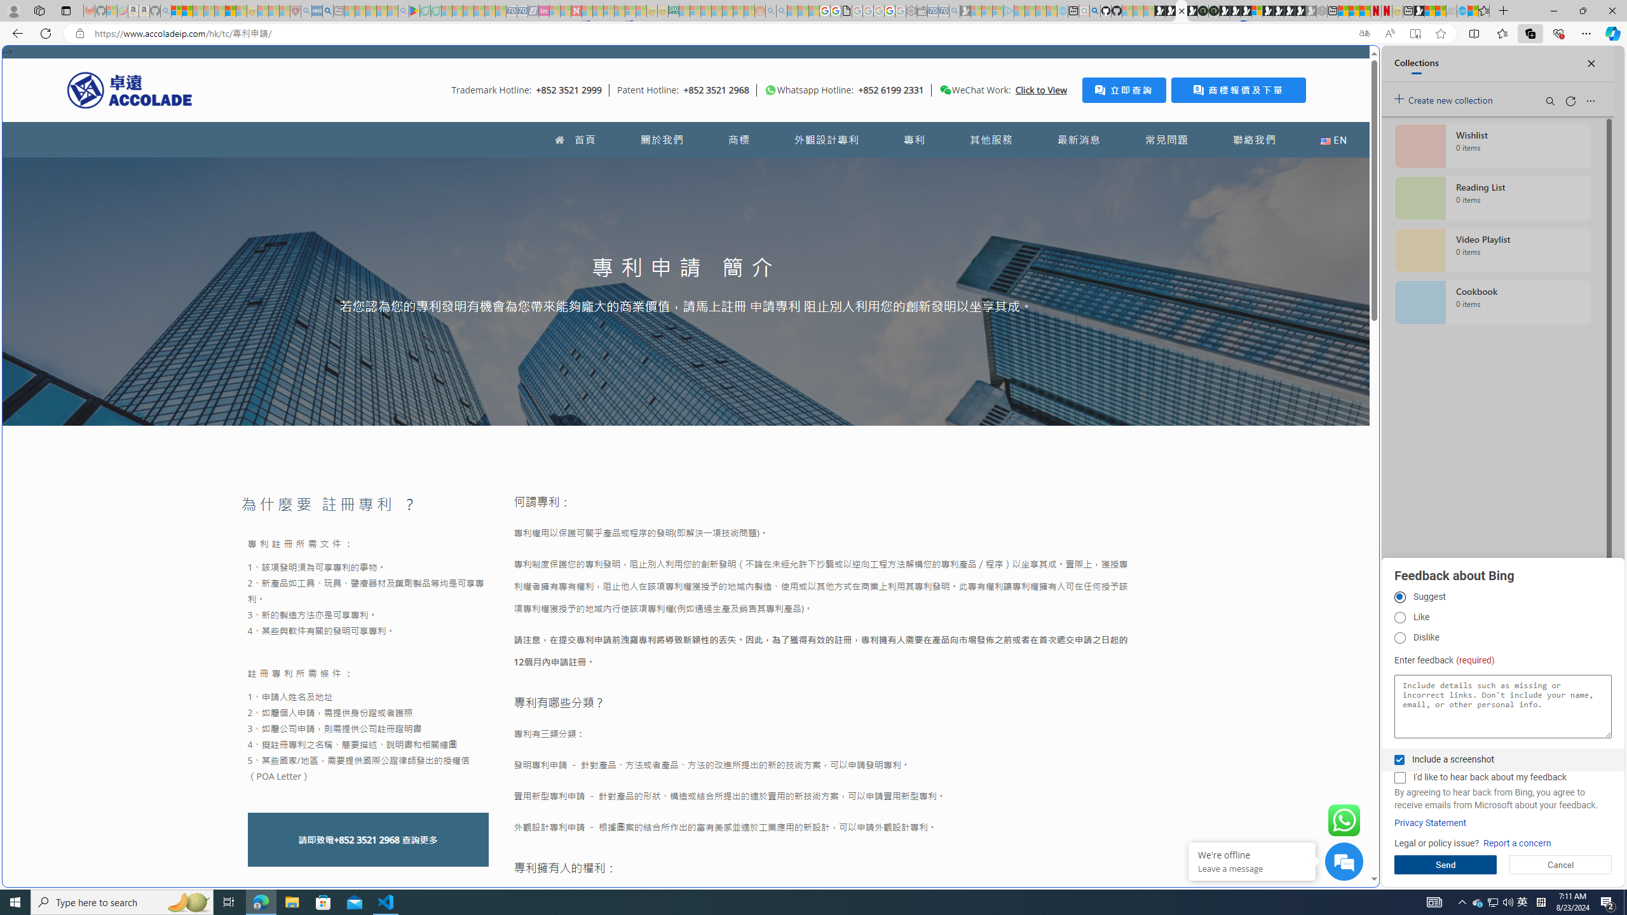 This screenshot has width=1627, height=915. I want to click on 'EN', so click(1334, 139).